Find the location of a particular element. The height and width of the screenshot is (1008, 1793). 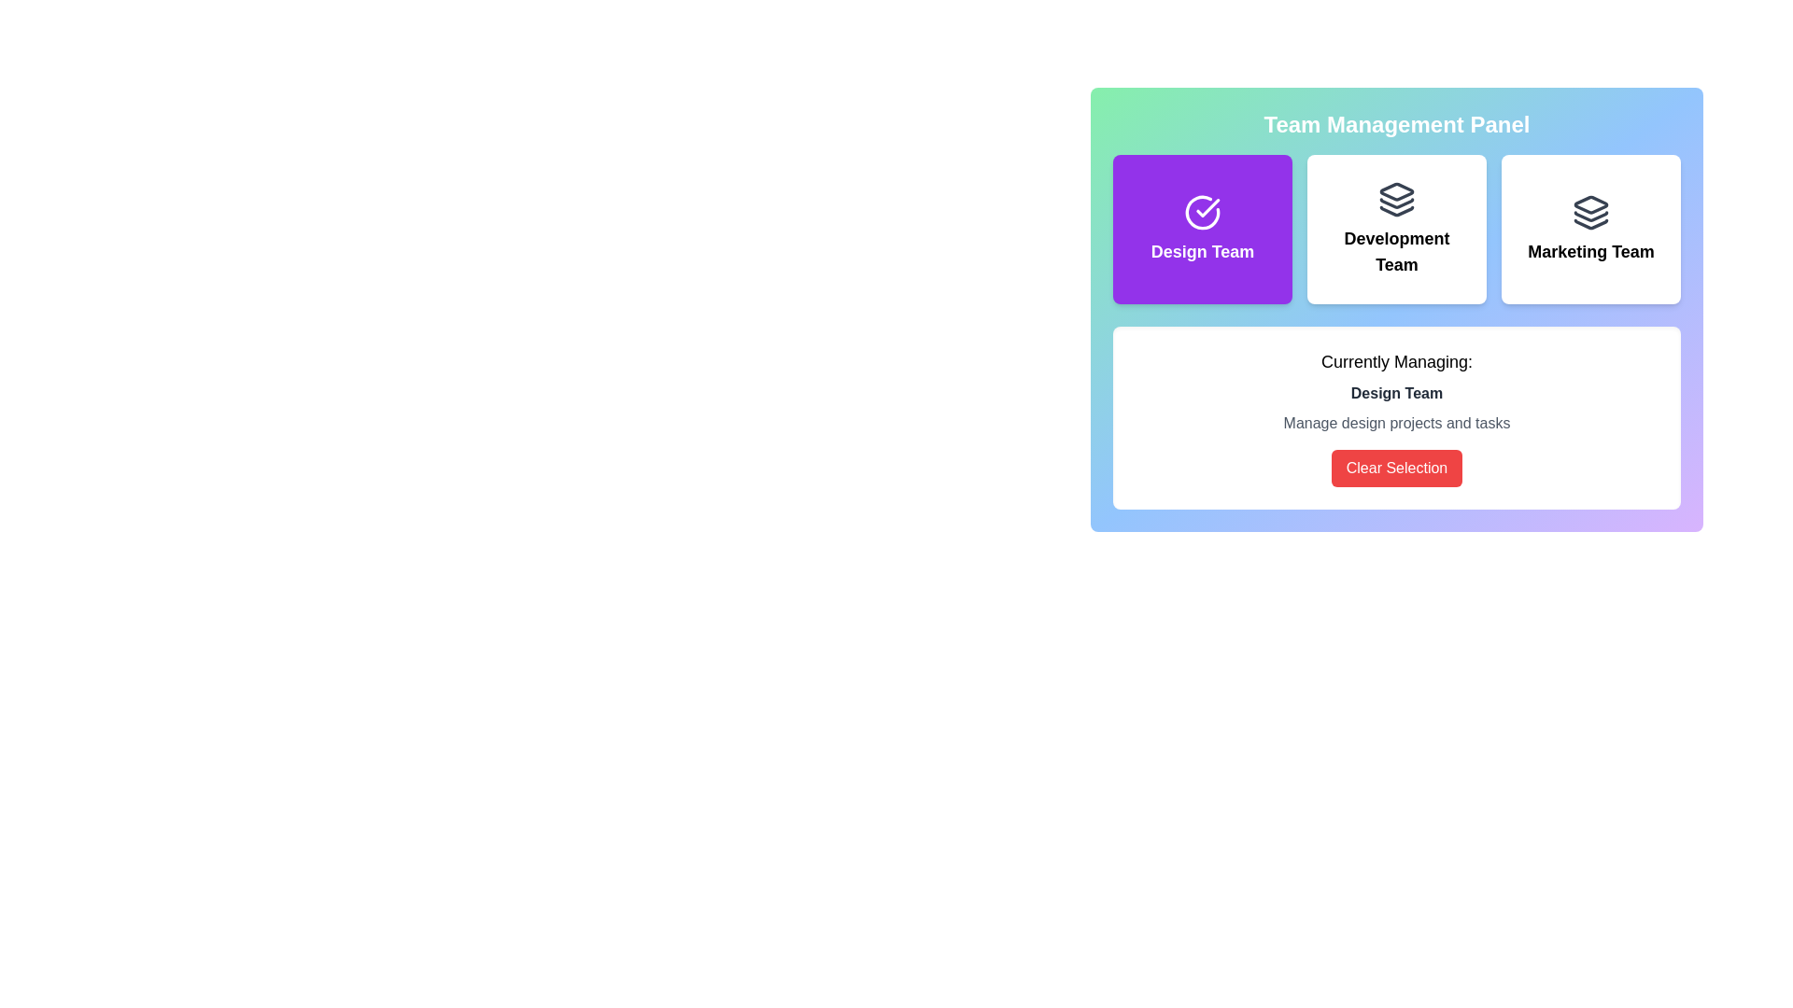

the team selection button for the Design Team located in the Team Management Panel is located at coordinates (1202, 229).